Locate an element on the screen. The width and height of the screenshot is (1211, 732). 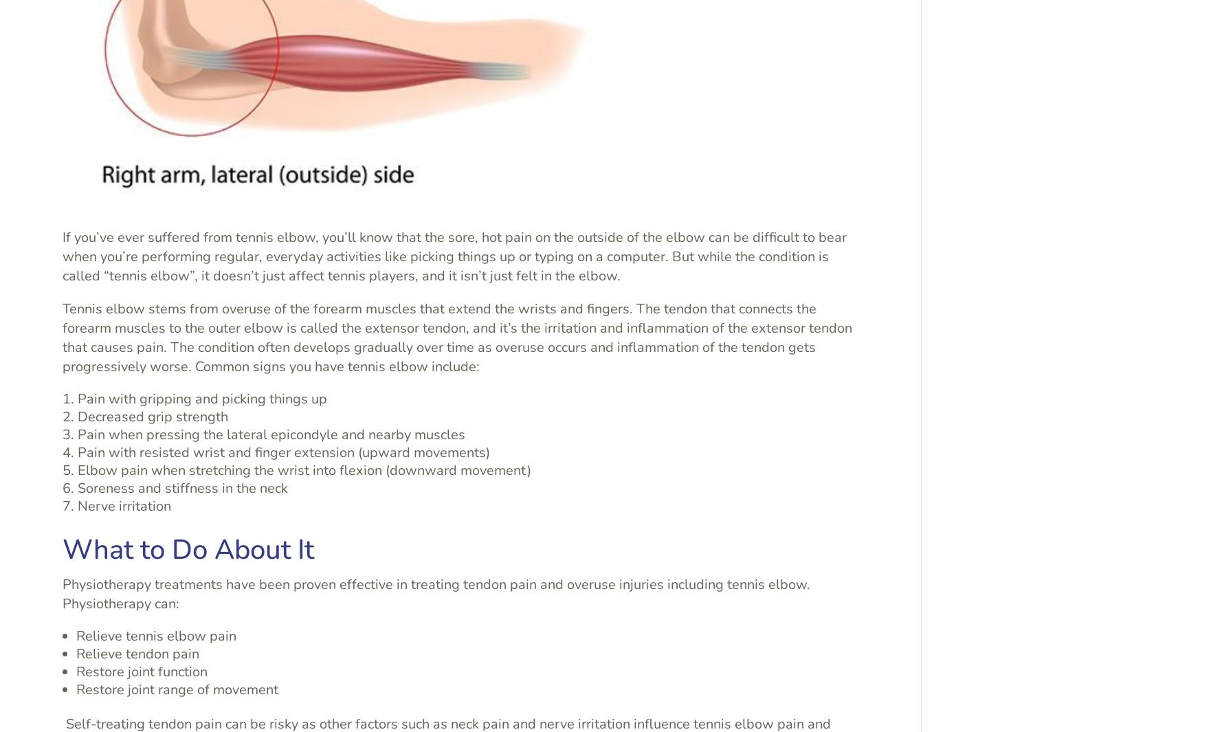
'Pain when pressing the lateral epicondyle and nearby muscles' is located at coordinates (271, 434).